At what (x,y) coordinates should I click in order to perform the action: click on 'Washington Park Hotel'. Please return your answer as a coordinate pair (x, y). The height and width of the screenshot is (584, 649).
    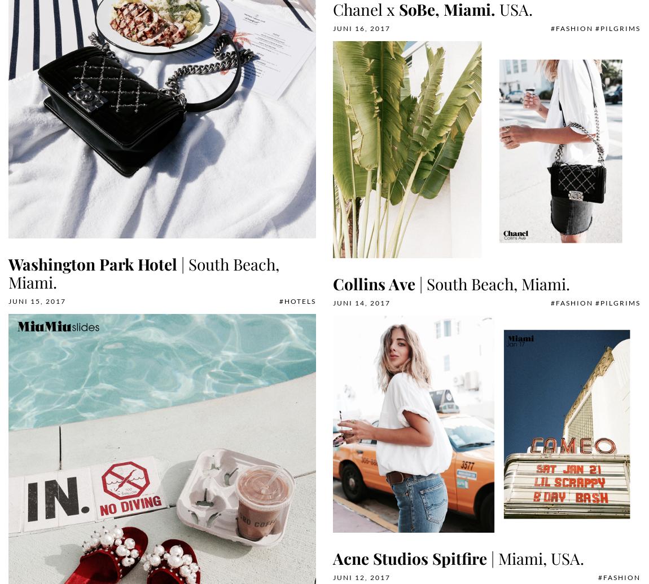
    Looking at the image, I should click on (92, 264).